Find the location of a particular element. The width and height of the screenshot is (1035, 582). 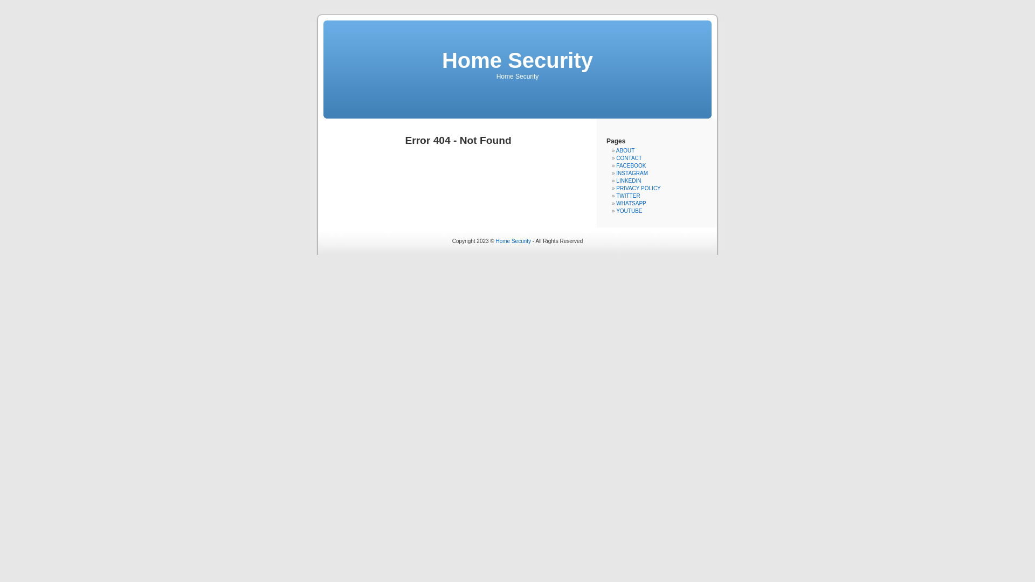

'CONTACT' is located at coordinates (629, 158).